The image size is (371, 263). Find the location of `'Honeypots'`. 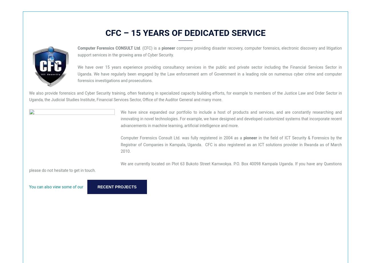

'Honeypots' is located at coordinates (22, 169).